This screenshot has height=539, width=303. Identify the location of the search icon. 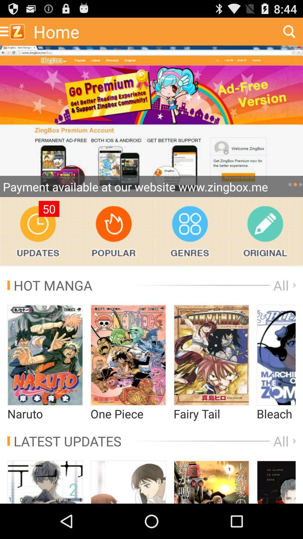
(289, 33).